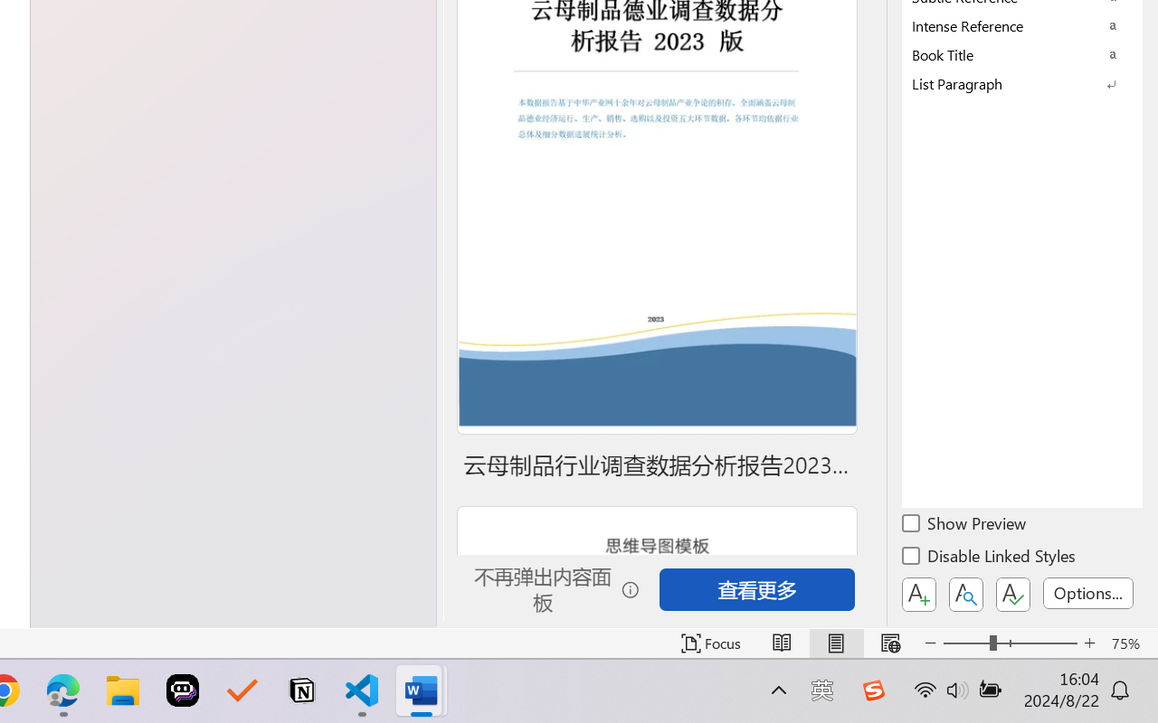 This screenshot has width=1158, height=723. I want to click on 'Class: NetUIImage', so click(1009, 83).